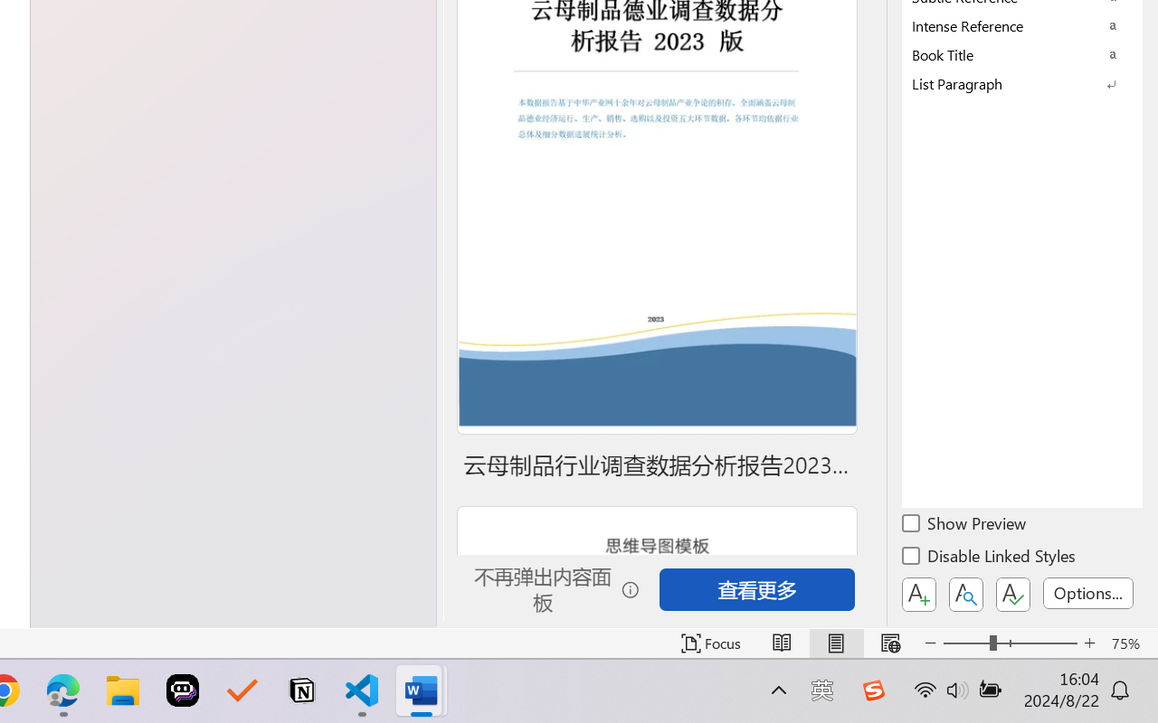 This screenshot has width=1158, height=723. I want to click on 'Class: NetUIImage', so click(1009, 83).